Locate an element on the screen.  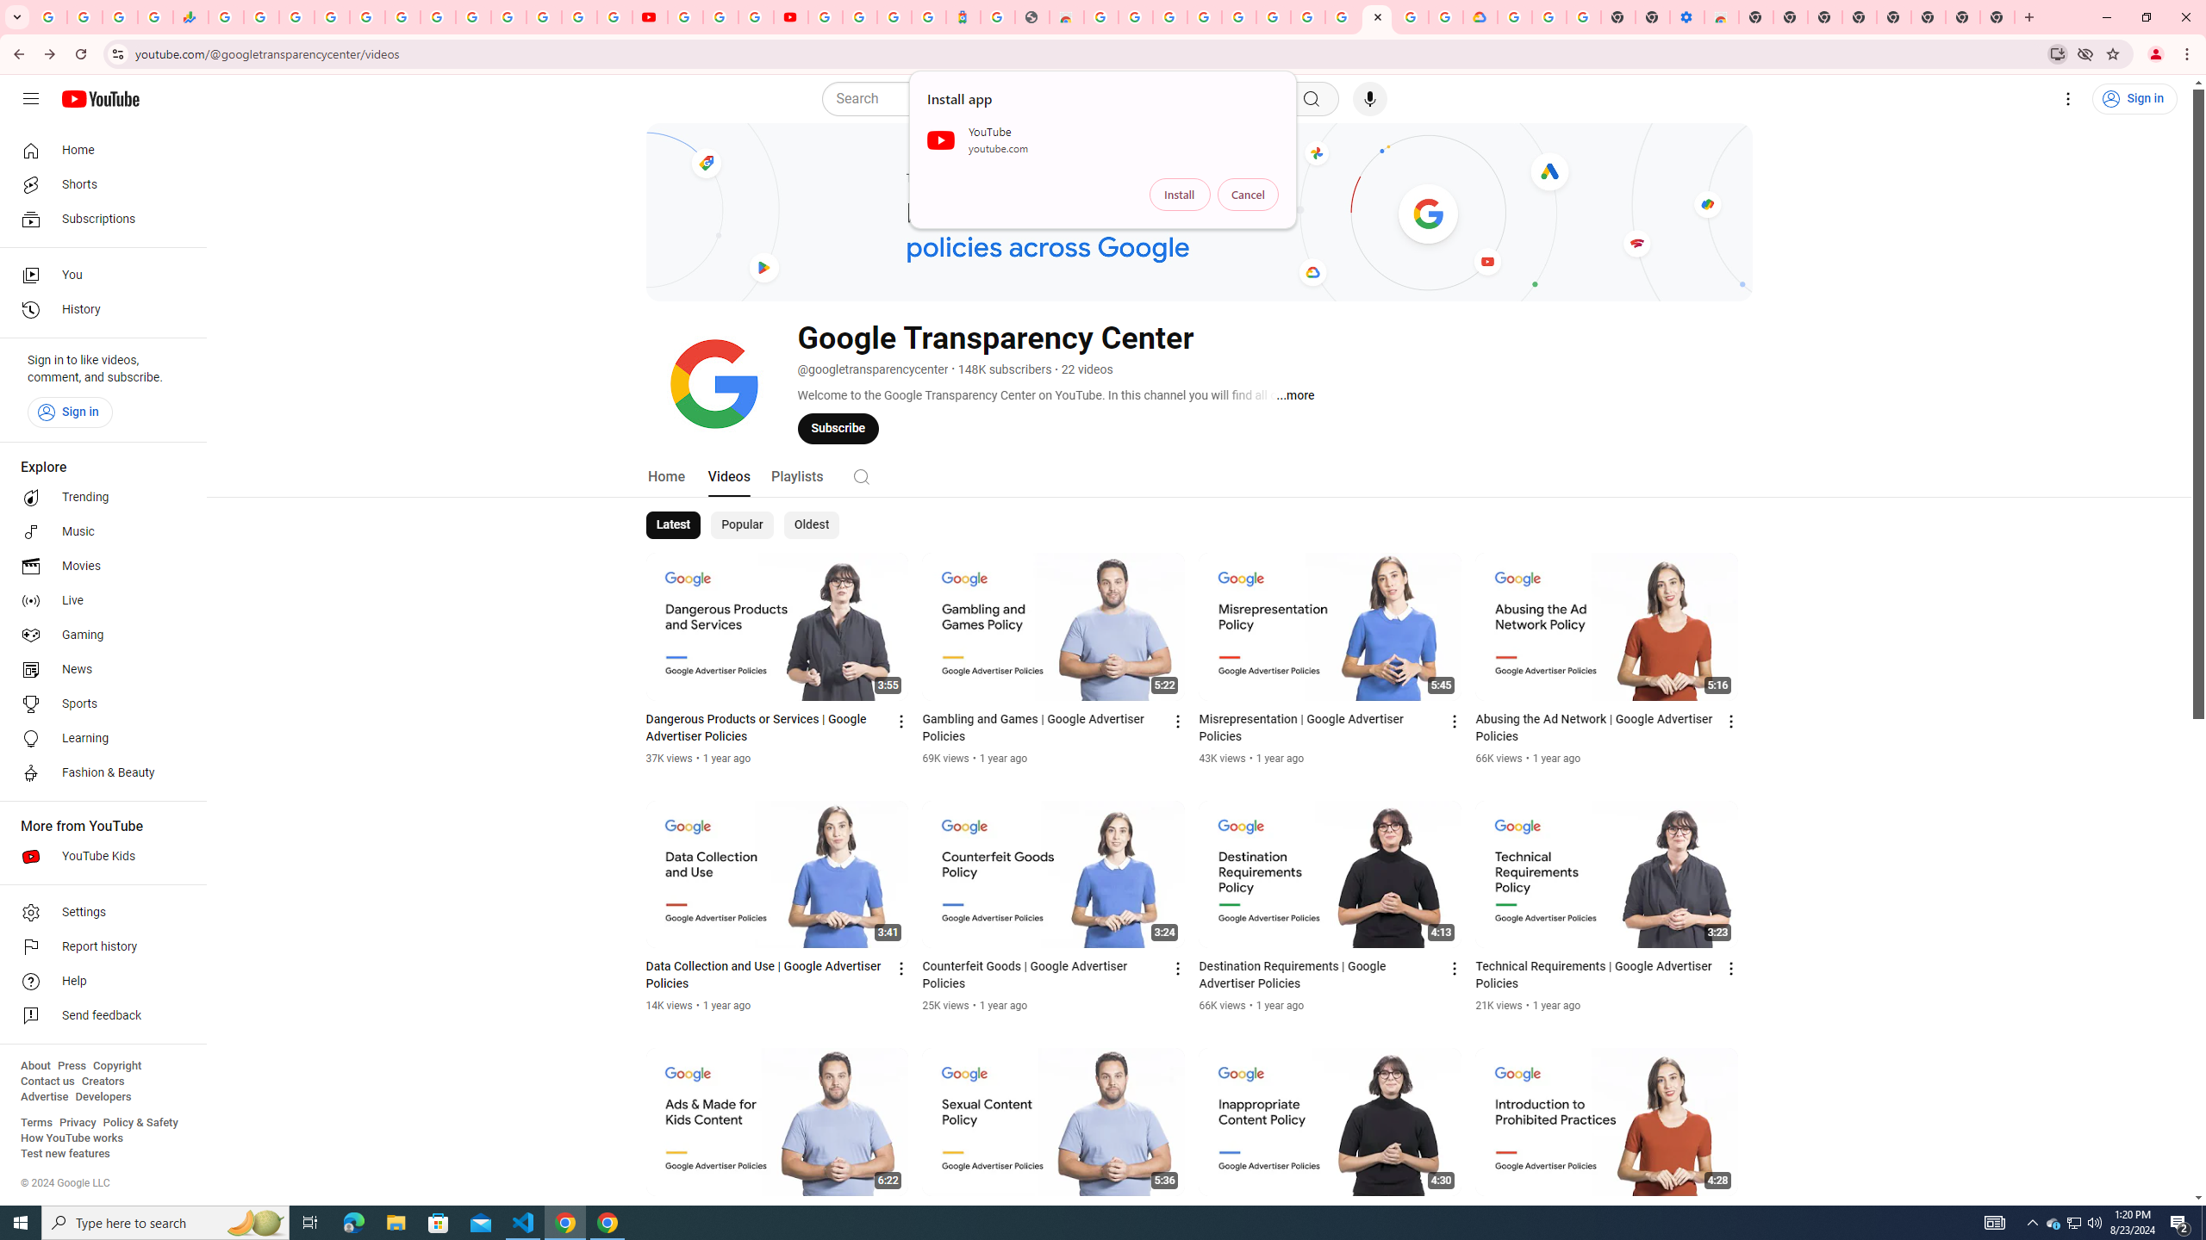
'Google Transparency Center - YouTube' is located at coordinates (1376, 16).